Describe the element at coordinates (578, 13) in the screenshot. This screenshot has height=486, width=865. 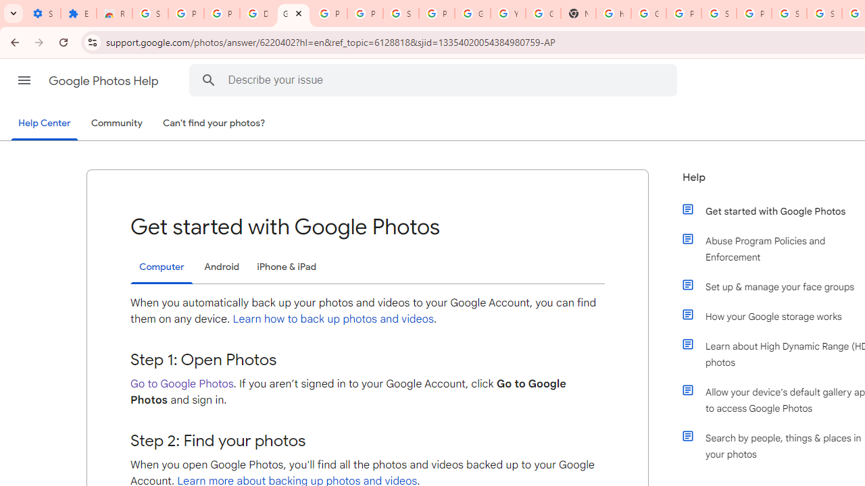
I see `'New Tab'` at that location.